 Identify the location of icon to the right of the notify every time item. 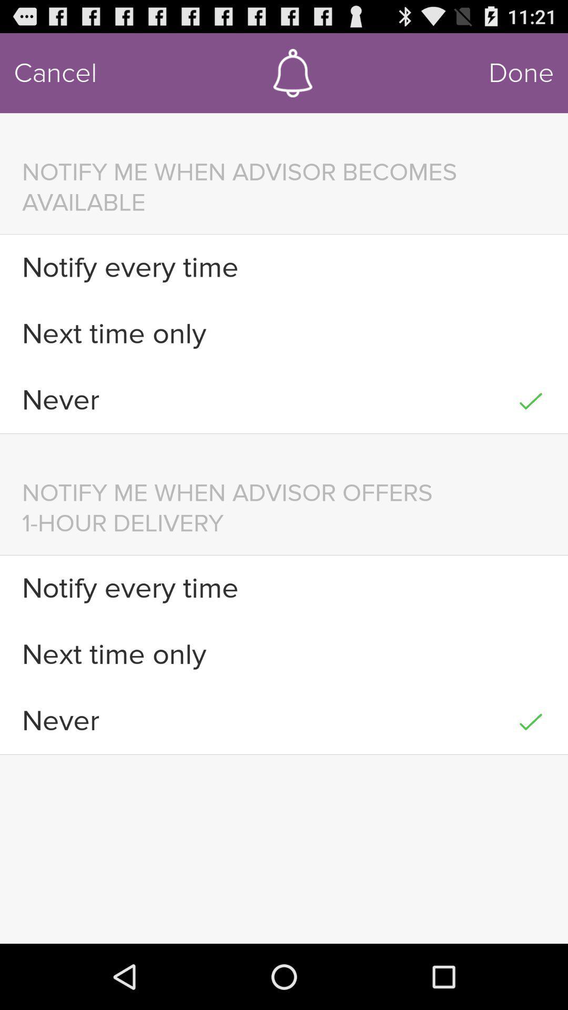
(531, 588).